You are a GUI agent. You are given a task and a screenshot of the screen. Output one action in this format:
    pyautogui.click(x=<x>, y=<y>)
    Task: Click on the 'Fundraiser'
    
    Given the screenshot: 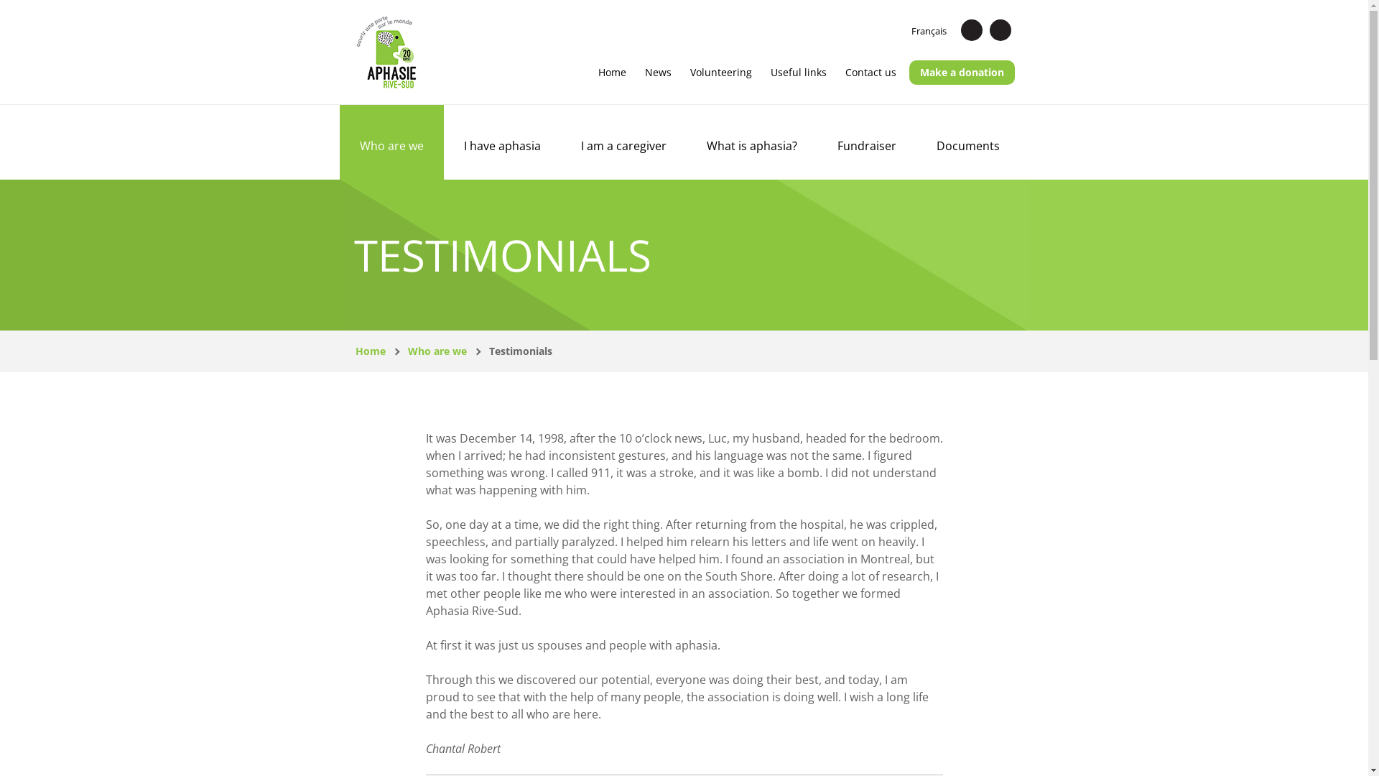 What is the action you would take?
    pyautogui.click(x=817, y=142)
    